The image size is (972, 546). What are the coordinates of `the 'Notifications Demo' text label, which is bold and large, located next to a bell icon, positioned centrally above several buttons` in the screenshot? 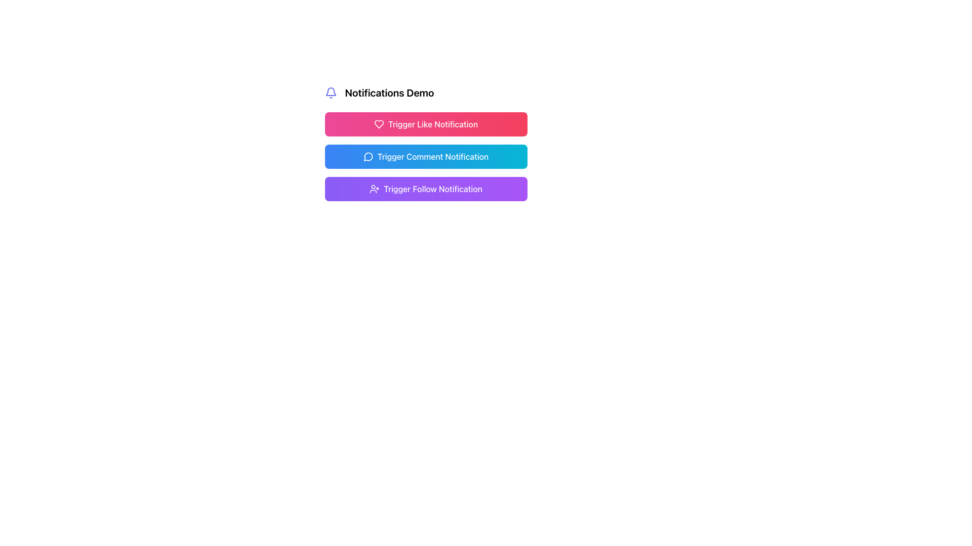 It's located at (389, 93).